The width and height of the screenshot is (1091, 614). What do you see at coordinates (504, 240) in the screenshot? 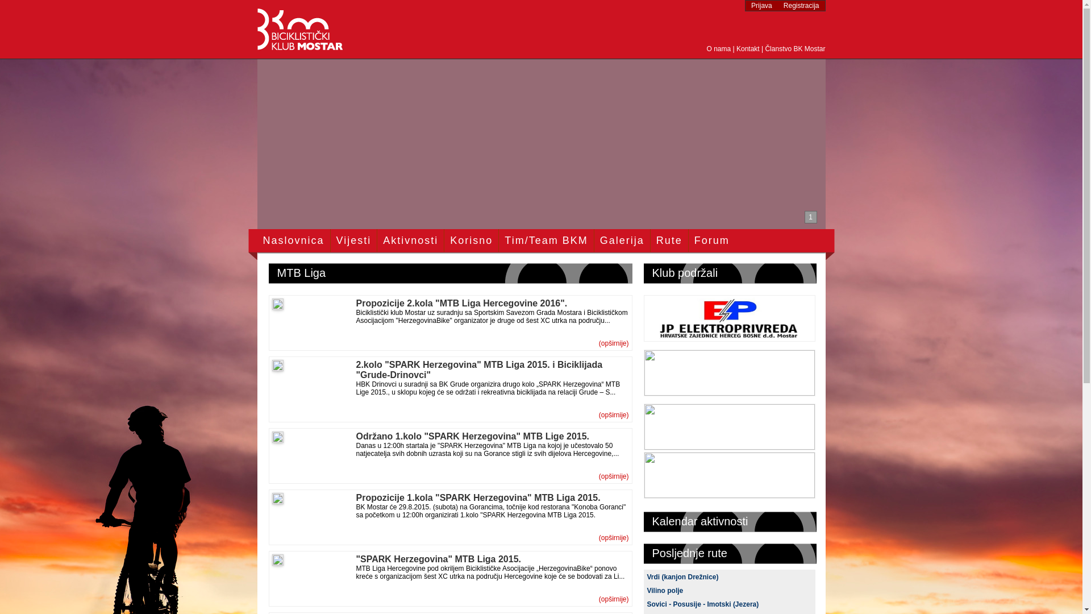
I see `'Tim/Team BKM'` at bounding box center [504, 240].